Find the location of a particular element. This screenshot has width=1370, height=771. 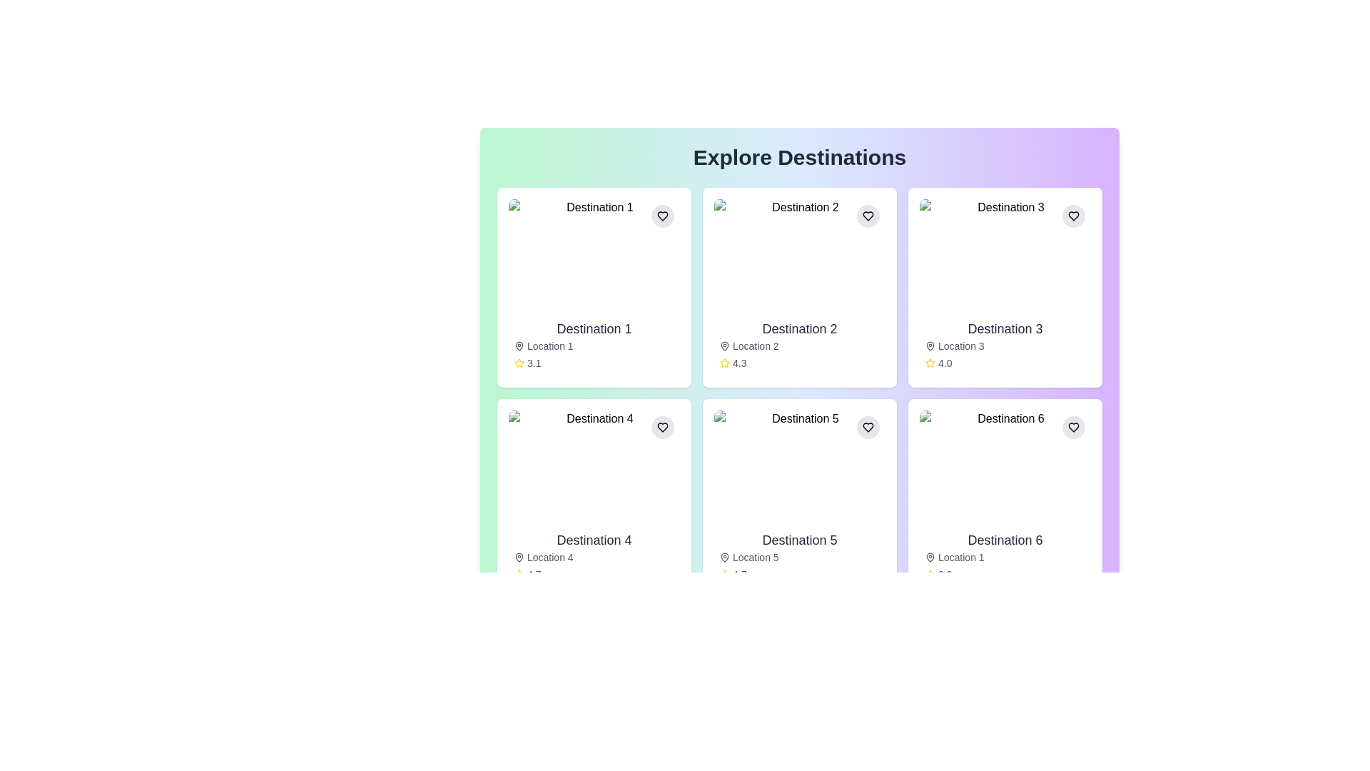

the pin-shaped vector graphic icon located in the third card under 'Explore Destinations', near 'Location 3' is located at coordinates (930, 345).